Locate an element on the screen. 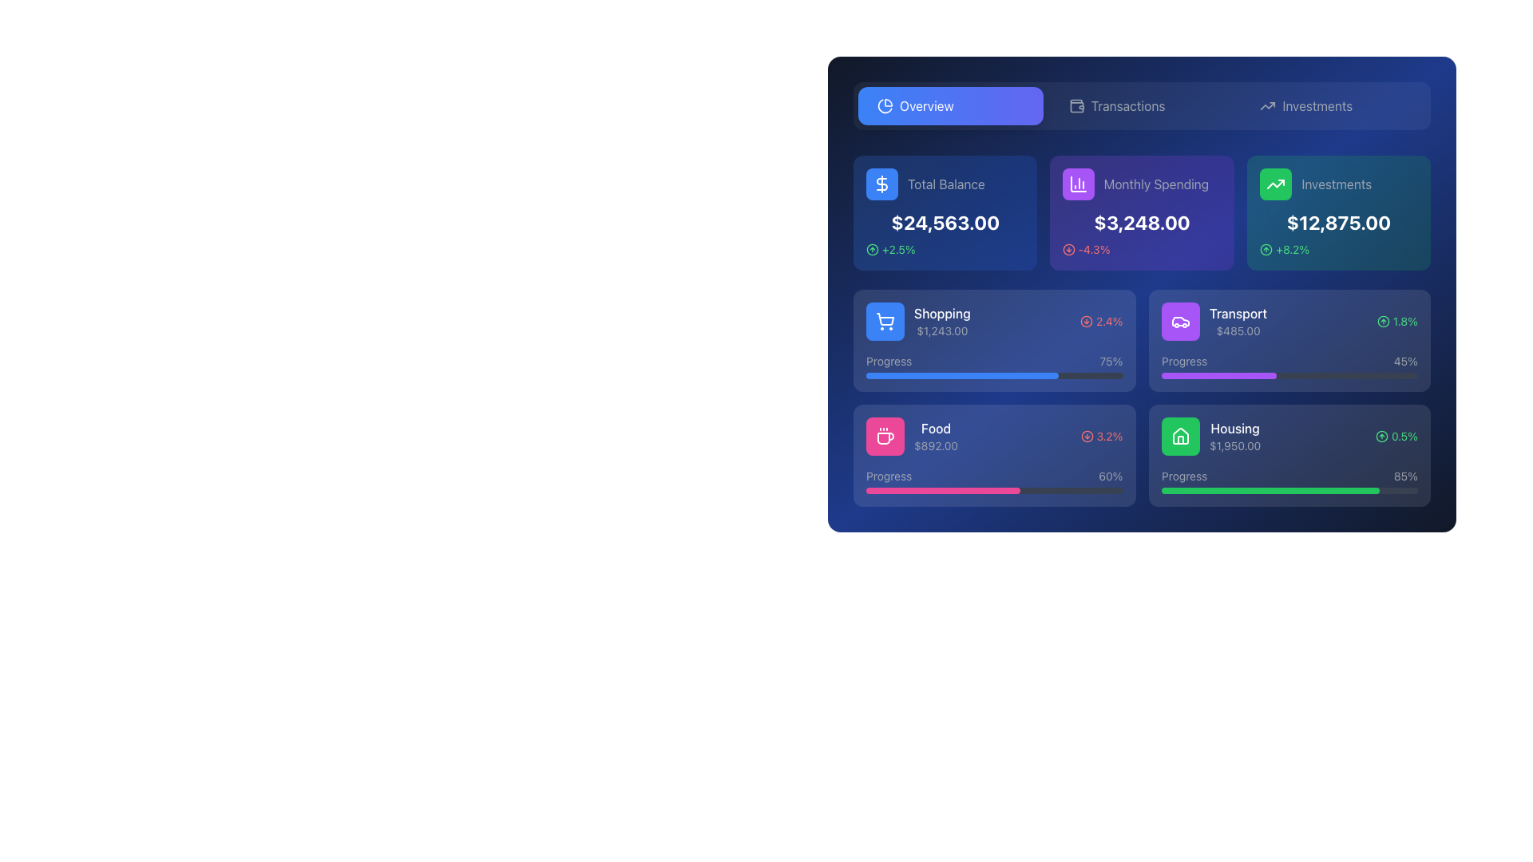 The width and height of the screenshot is (1533, 862). displayed text of the 'Food' expenditure category, which shows the cost of '$892.00', located in the lower-left section of the segmented card layout is located at coordinates (936, 437).